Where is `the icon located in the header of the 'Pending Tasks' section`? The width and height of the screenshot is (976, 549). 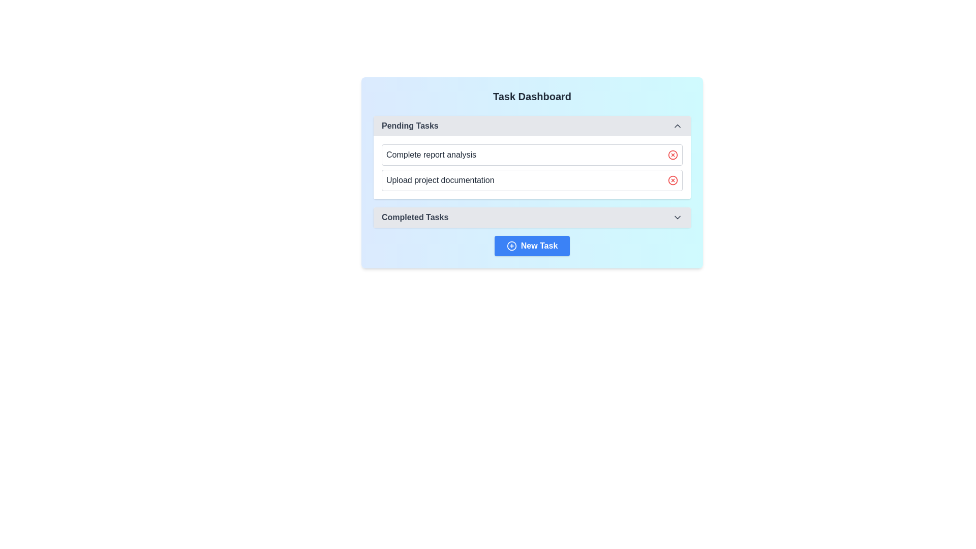 the icon located in the header of the 'Pending Tasks' section is located at coordinates (678, 125).